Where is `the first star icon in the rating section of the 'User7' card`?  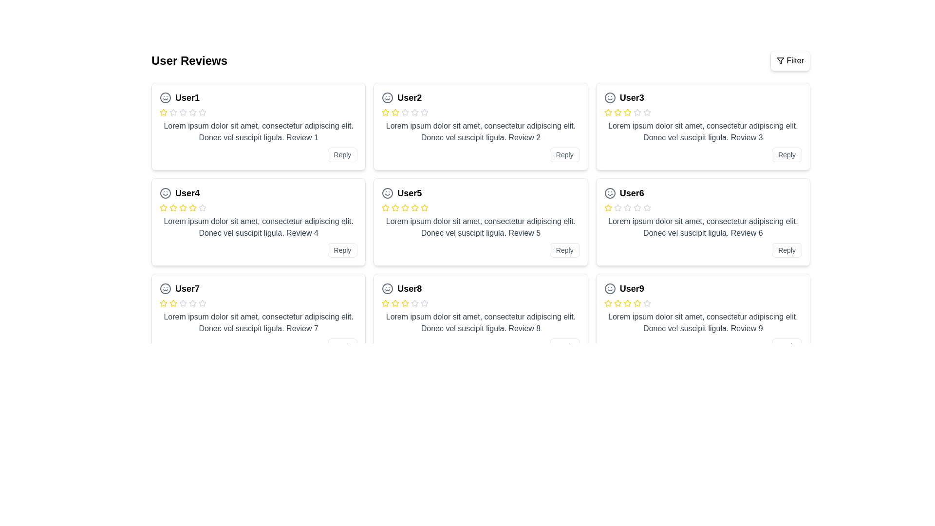 the first star icon in the rating section of the 'User7' card is located at coordinates (164, 303).